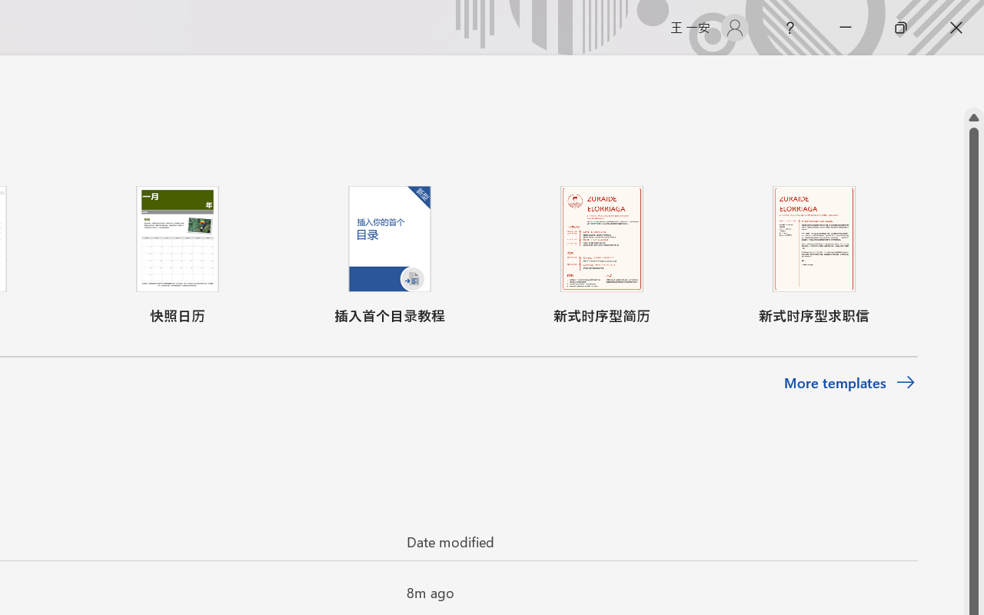  I want to click on 'Line up', so click(973, 118).